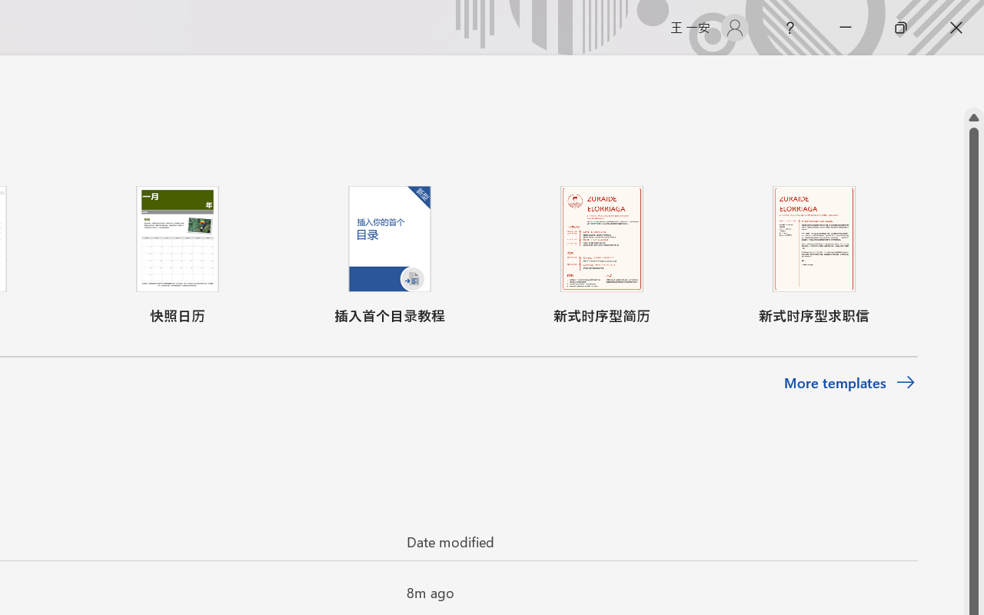  I want to click on 'Line up', so click(973, 118).